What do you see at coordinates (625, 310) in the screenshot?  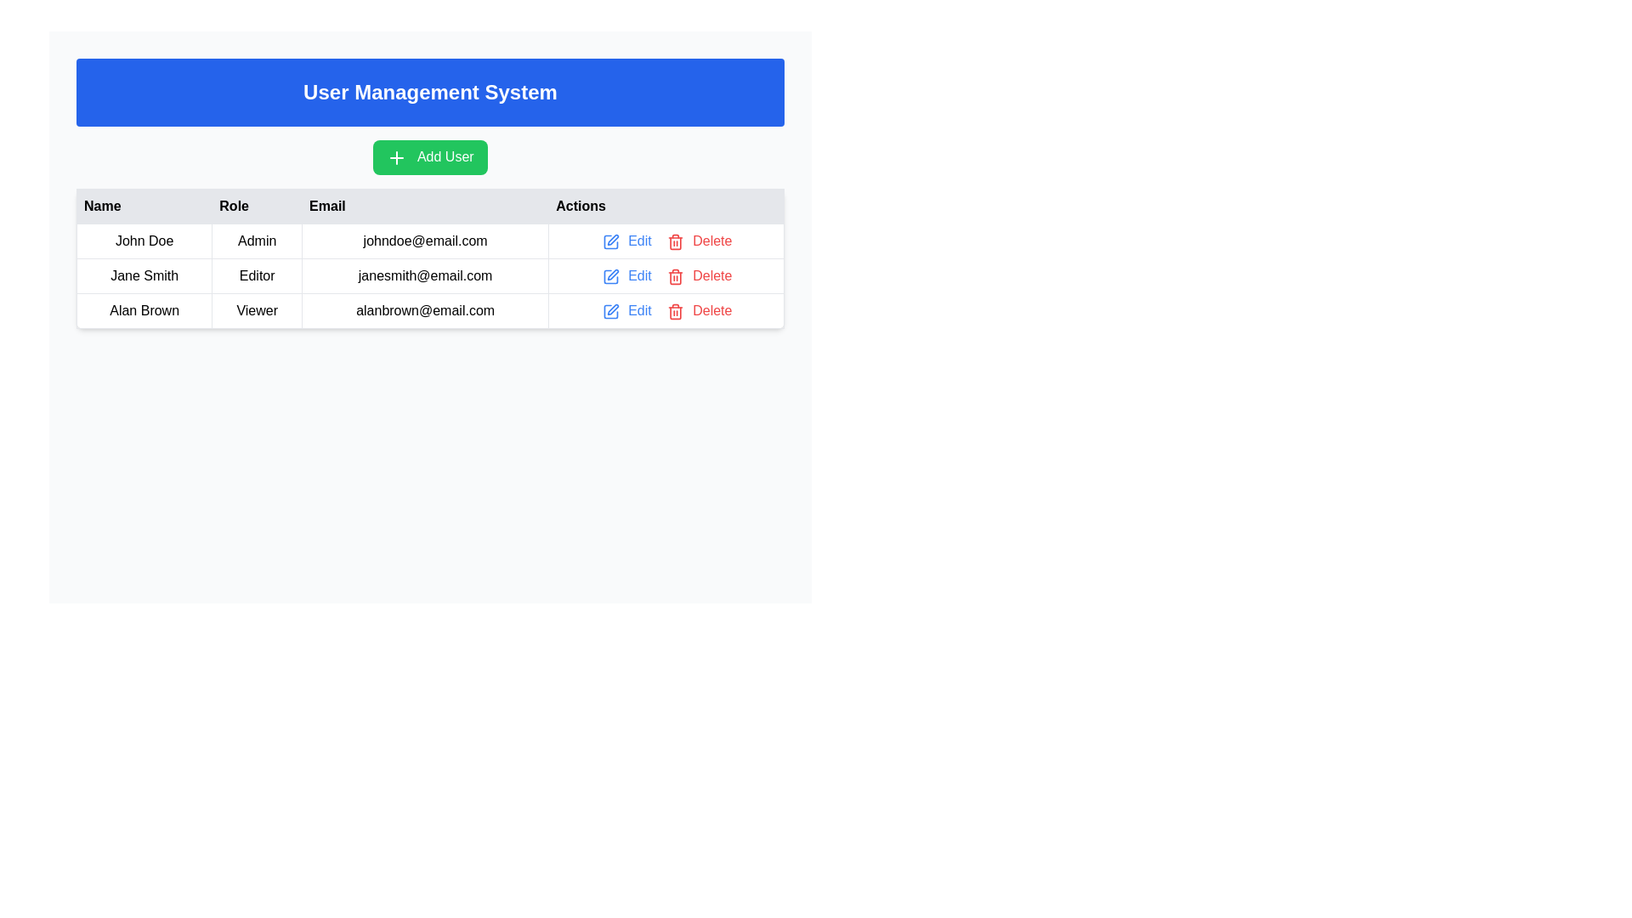 I see `the blue text link labeled 'Edit' with a pen icon located in the 'Actions' column of the last row in the table` at bounding box center [625, 310].